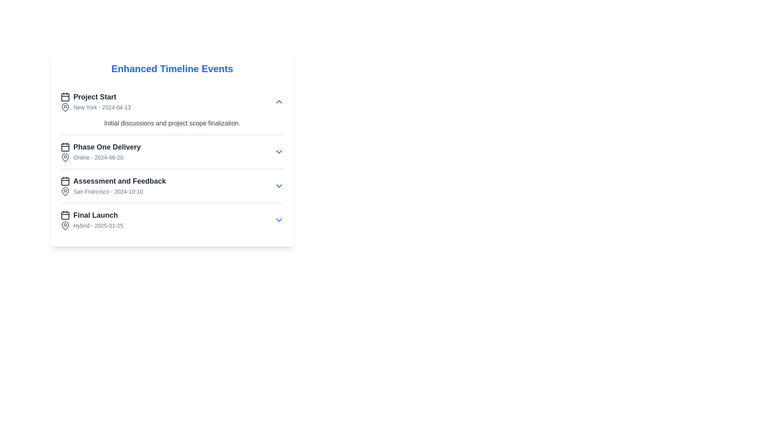 Image resolution: width=770 pixels, height=433 pixels. Describe the element at coordinates (100, 158) in the screenshot. I see `the static text displaying 'Online - 2024-06-20' with a map pin icon, located in the 'Phase One Delivery' section` at that location.